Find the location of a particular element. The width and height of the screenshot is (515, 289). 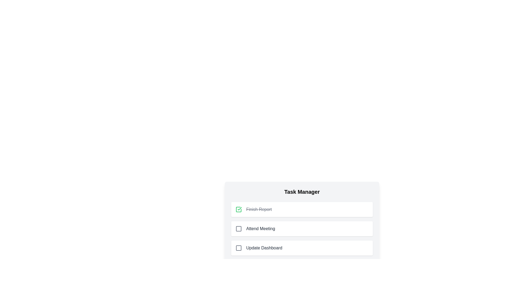

SVG rectangle part of the checkbox located inside the second list item of the task manager, which is next to the 'Attend Meeting' label, for debugging purposes is located at coordinates (238, 229).